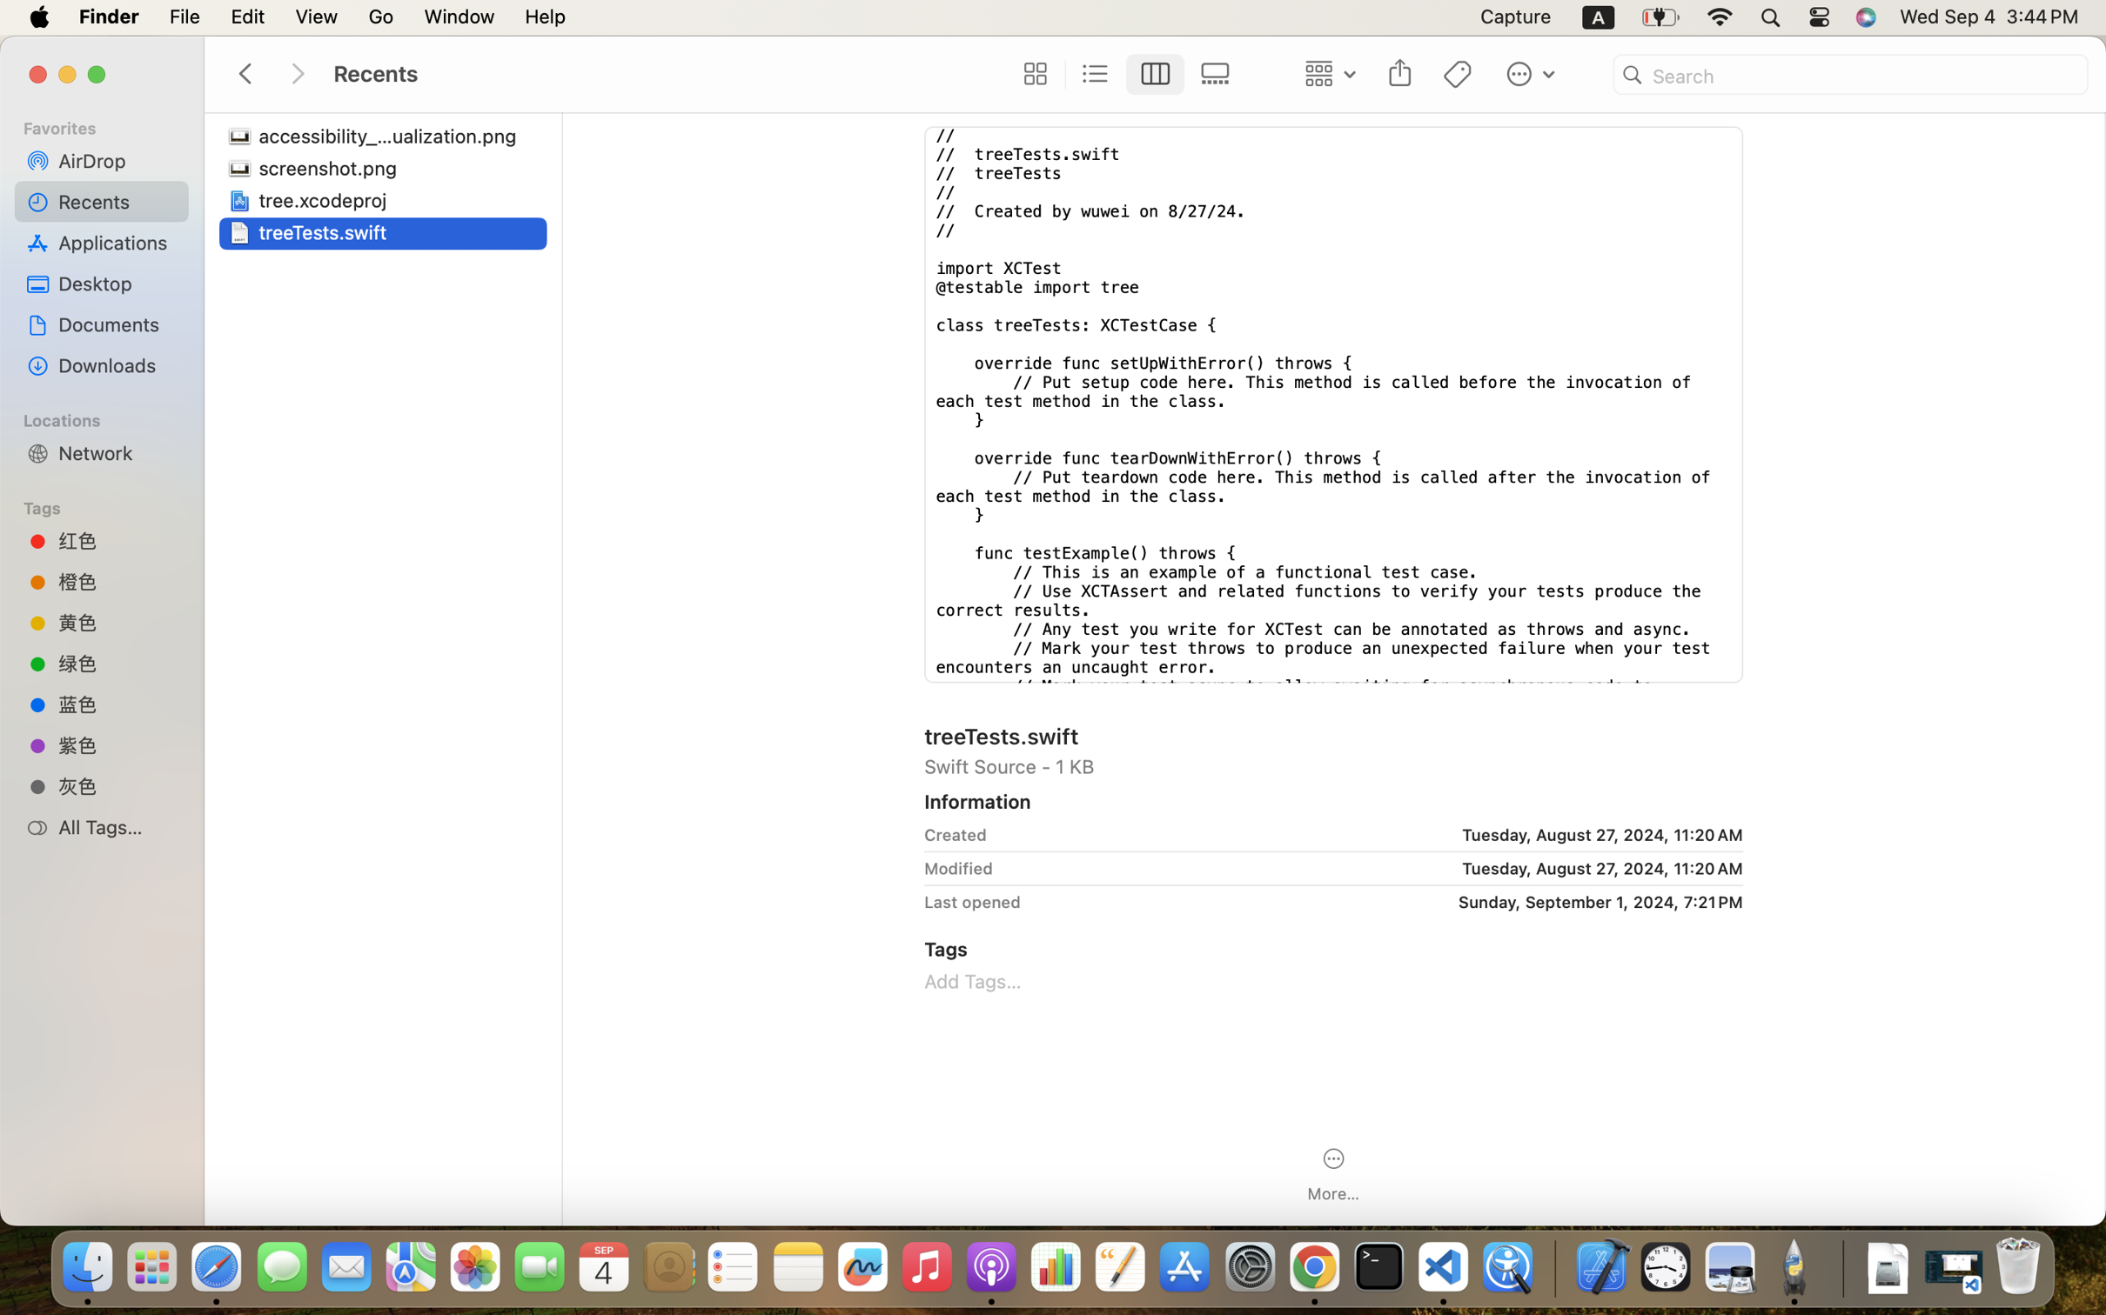  Describe the element at coordinates (117, 621) in the screenshot. I see `'黄色'` at that location.